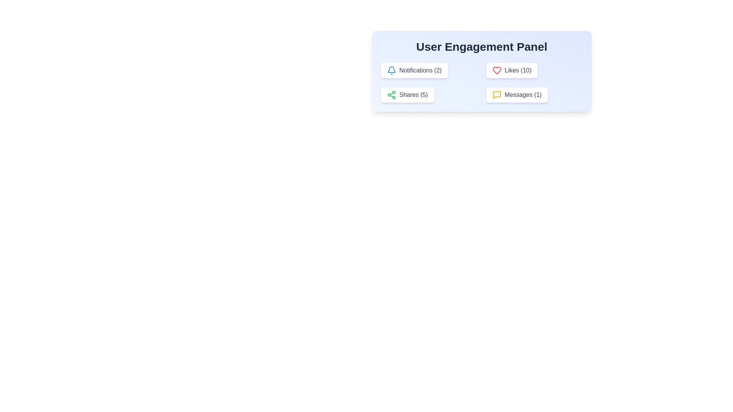 The width and height of the screenshot is (733, 412). I want to click on the Button that provides a count of '5' and access to shares or shared items, located below the 'Notifications (2)' element and to the left of the 'Messages (1)' element, so click(429, 95).